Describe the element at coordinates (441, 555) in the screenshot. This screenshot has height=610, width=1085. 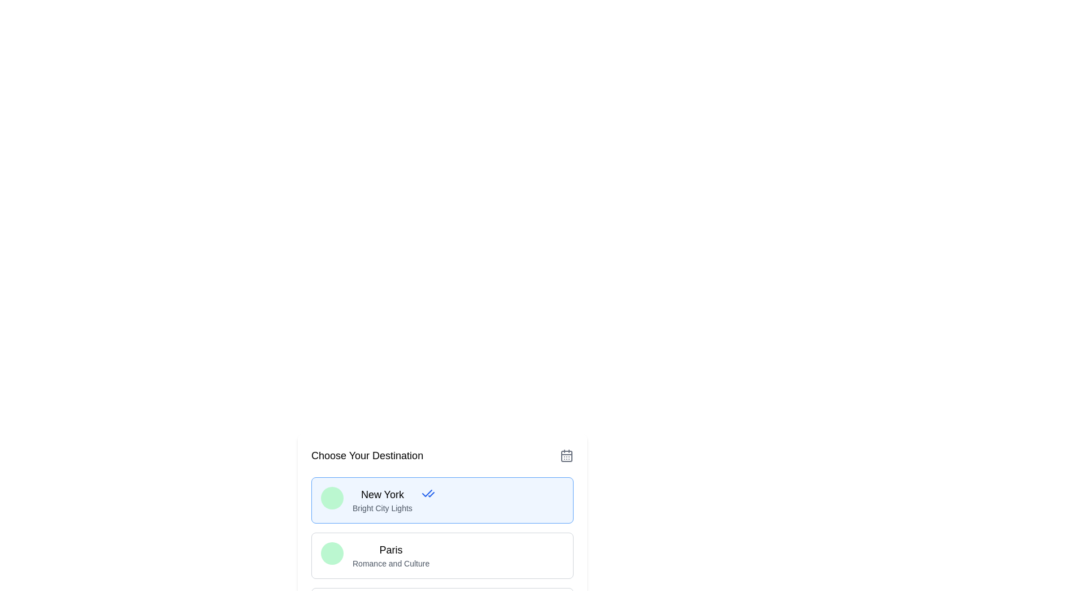
I see `the second selectable card option representing 'Paris' in the destination list` at that location.